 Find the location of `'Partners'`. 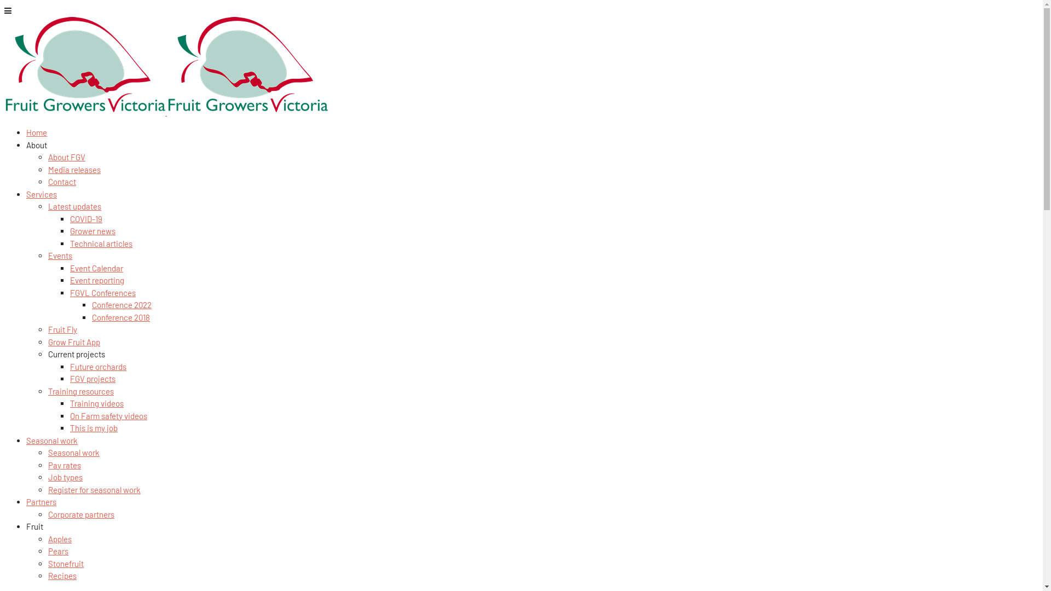

'Partners' is located at coordinates (26, 502).